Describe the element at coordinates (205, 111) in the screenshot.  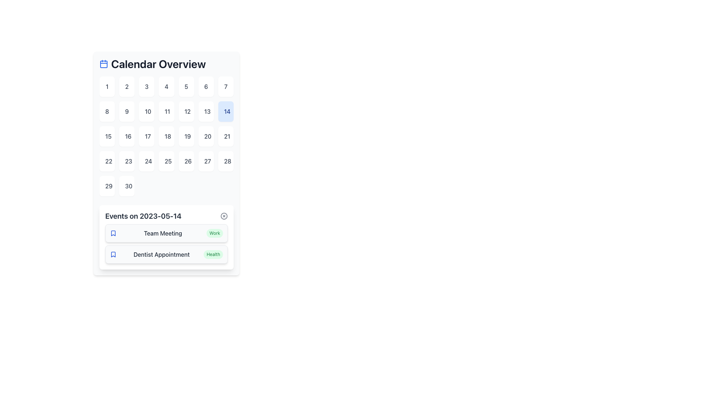
I see `the interactive date button representing the date '13' in the calendar interface` at that location.